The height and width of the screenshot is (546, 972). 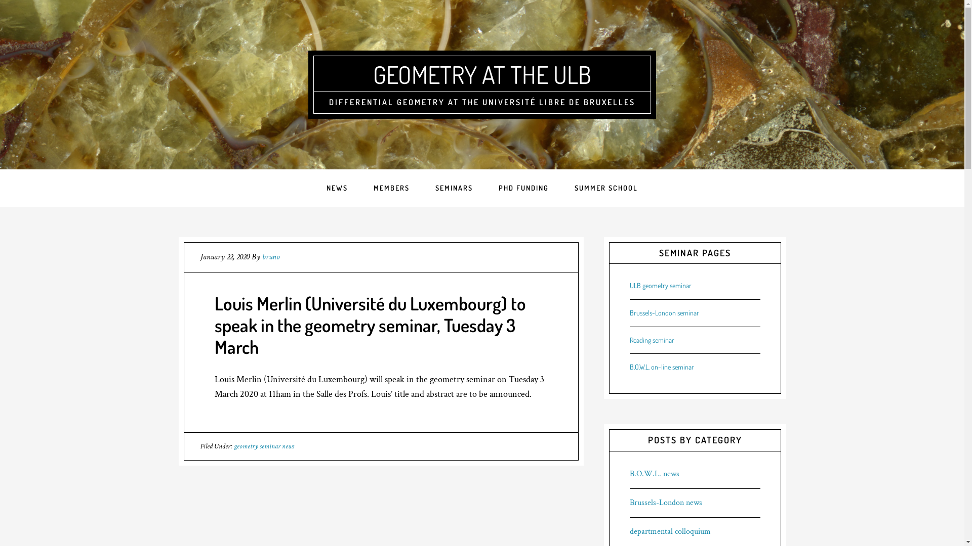 I want to click on 'PHD FUNDING', so click(x=486, y=188).